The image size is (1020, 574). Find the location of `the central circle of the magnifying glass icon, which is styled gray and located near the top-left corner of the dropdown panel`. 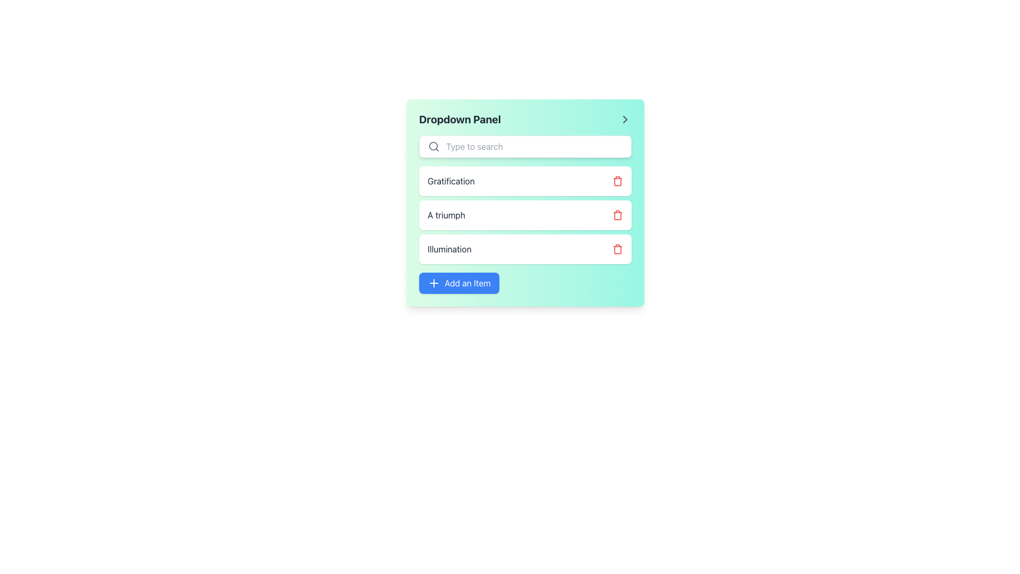

the central circle of the magnifying glass icon, which is styled gray and located near the top-left corner of the dropdown panel is located at coordinates (433, 146).